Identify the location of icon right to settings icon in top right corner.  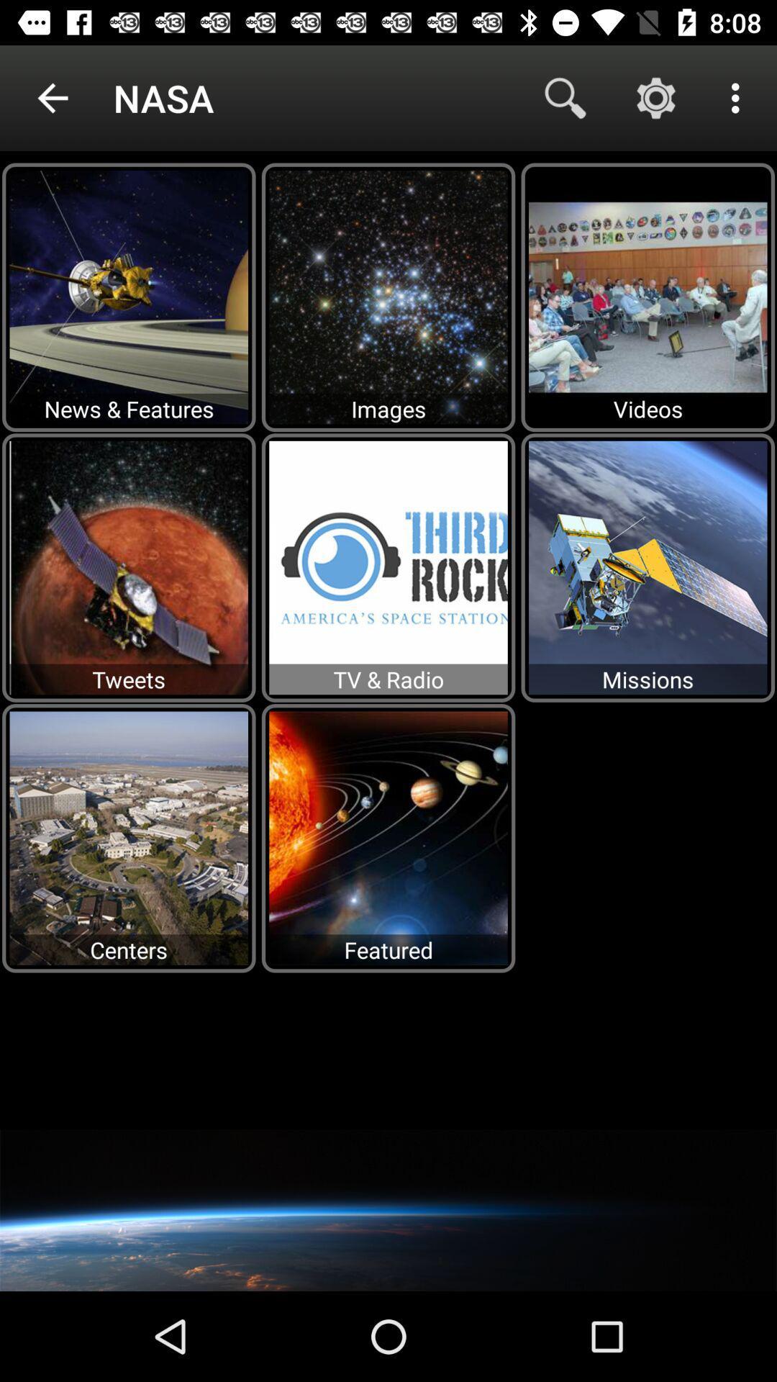
(739, 98).